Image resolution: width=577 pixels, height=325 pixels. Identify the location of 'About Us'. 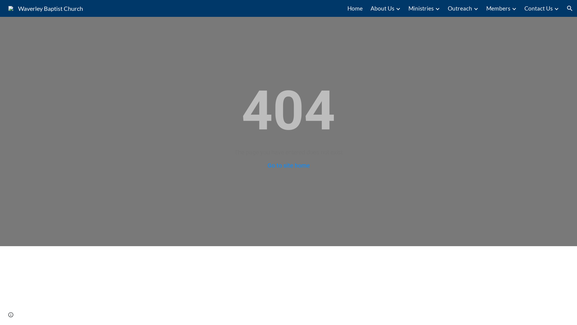
(382, 8).